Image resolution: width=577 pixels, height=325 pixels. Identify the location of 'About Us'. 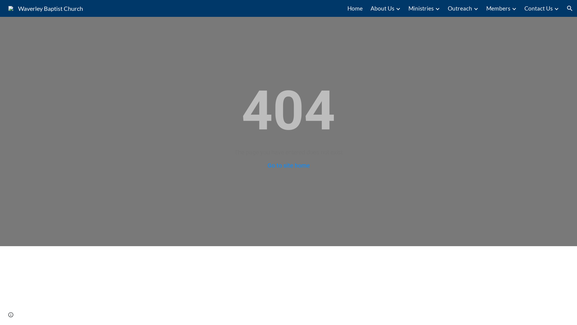
(382, 8).